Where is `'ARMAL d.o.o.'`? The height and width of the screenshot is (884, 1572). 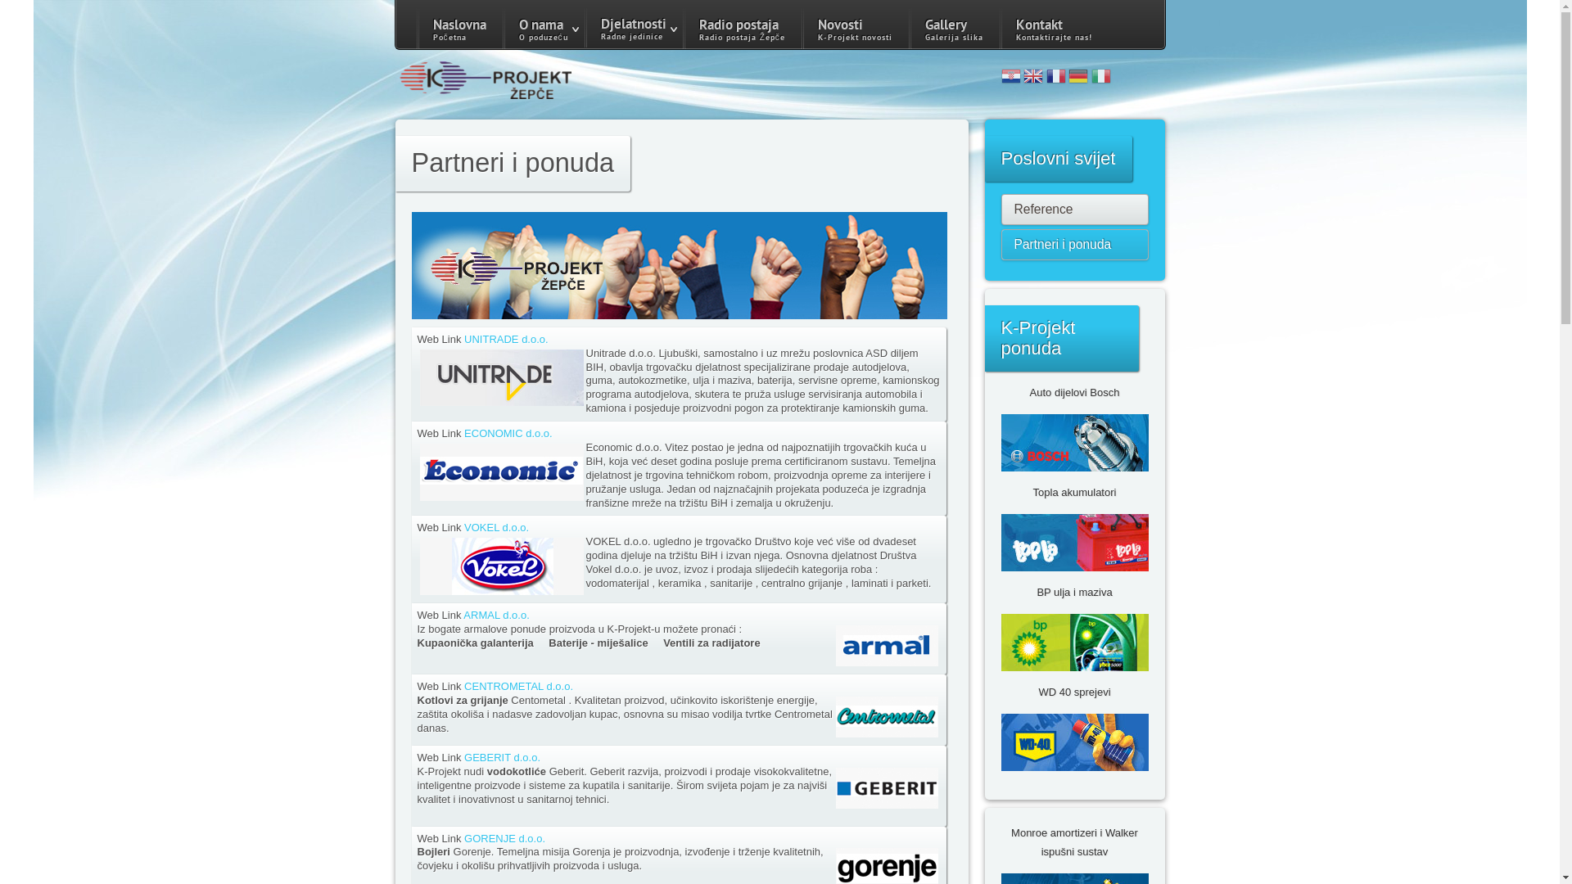
'ARMAL d.o.o.' is located at coordinates (495, 615).